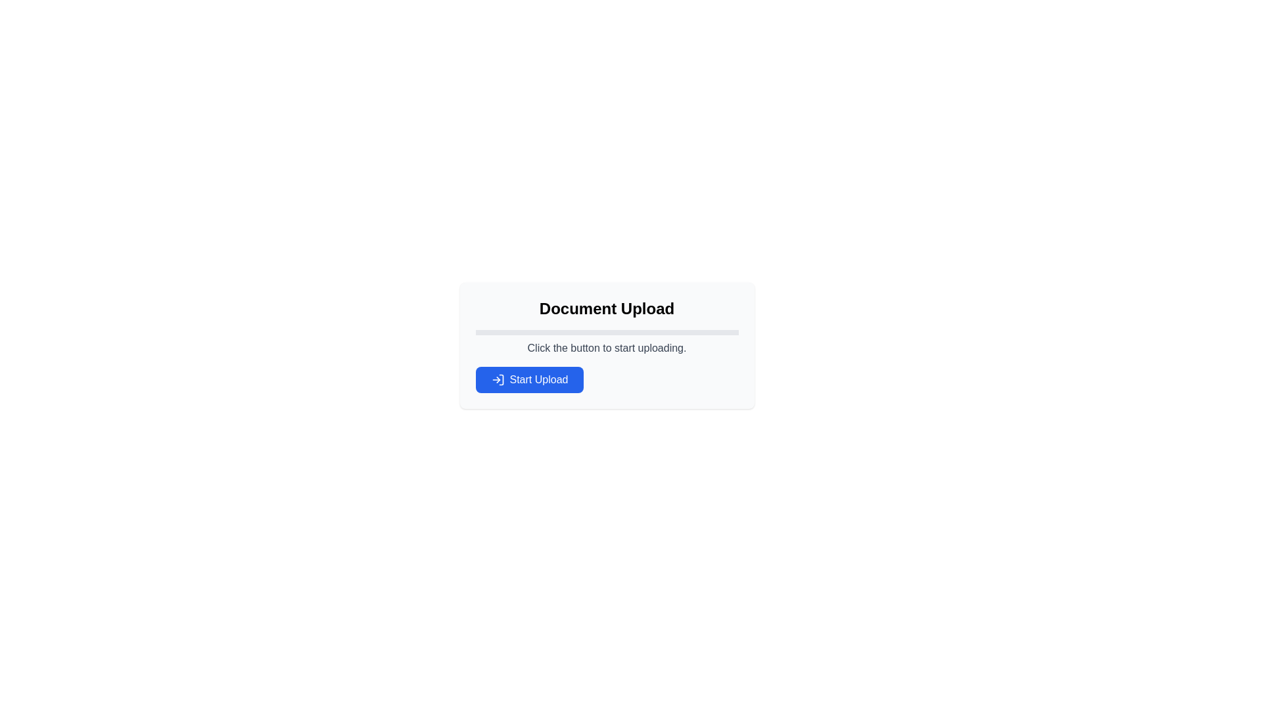 The height and width of the screenshot is (710, 1262). Describe the element at coordinates (500, 380) in the screenshot. I see `the 'Start Upload' button which contains a vertical line segment SVG icon with rounded ends positioned centrally within it` at that location.